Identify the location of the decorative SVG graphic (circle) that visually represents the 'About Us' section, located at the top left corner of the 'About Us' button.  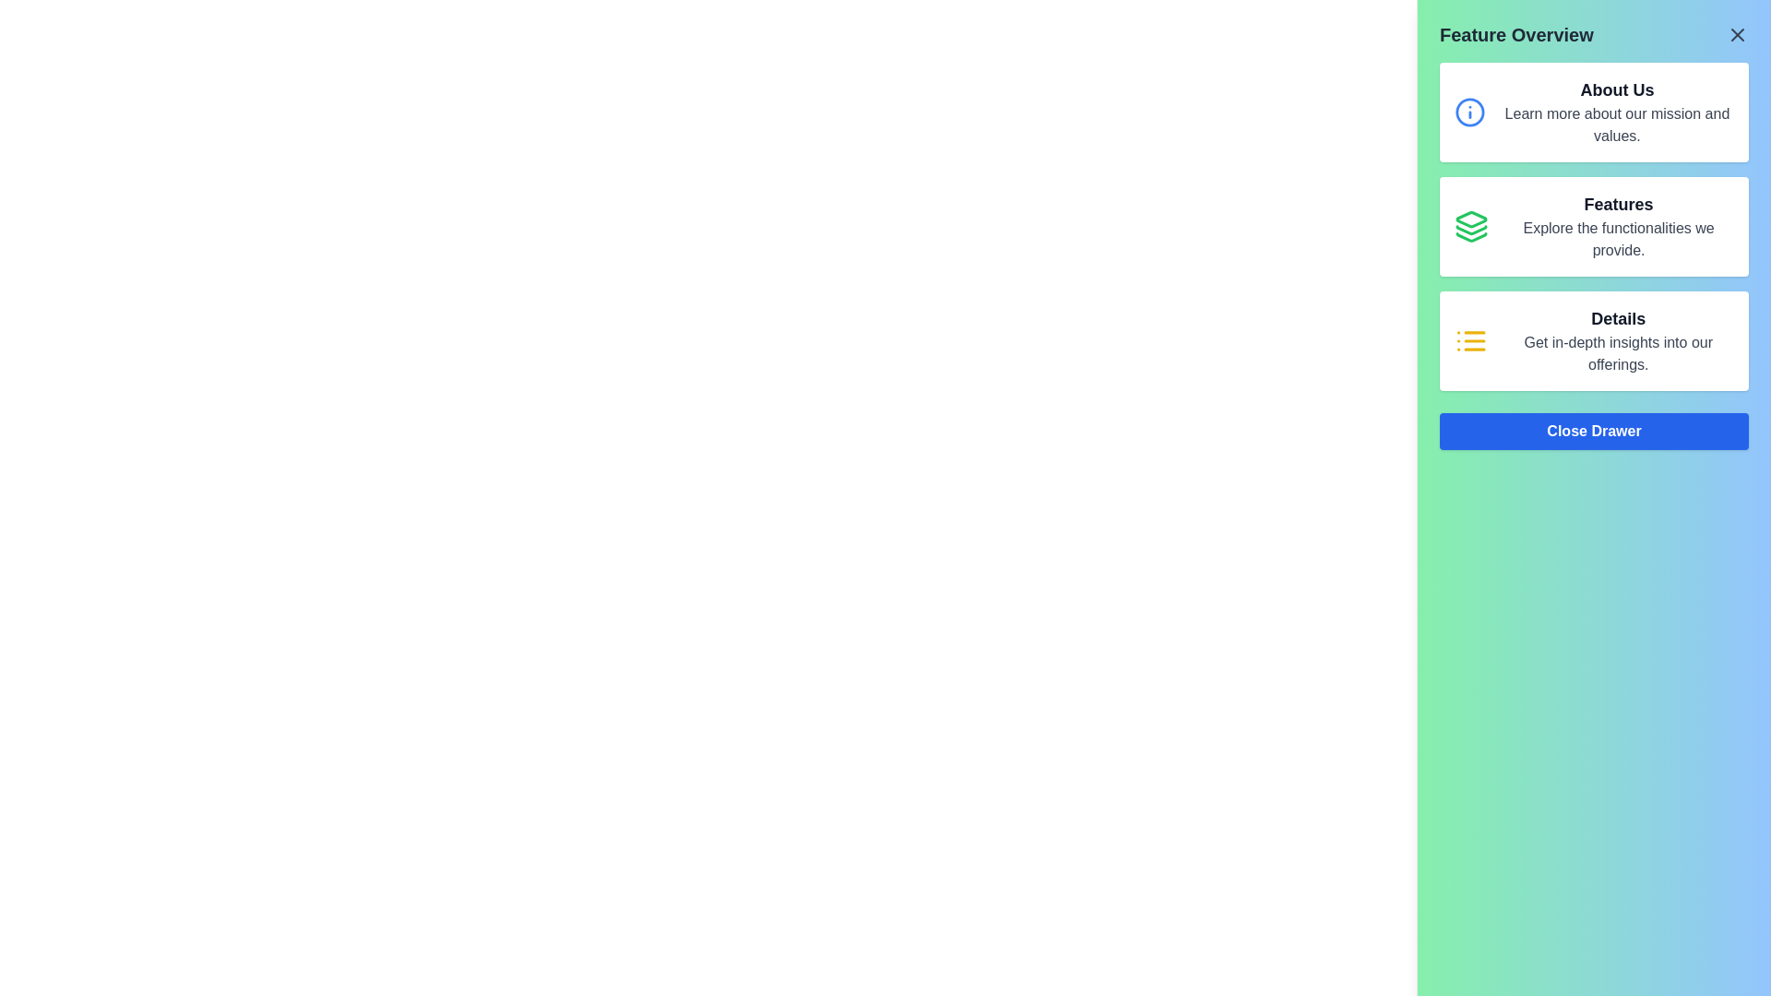
(1468, 113).